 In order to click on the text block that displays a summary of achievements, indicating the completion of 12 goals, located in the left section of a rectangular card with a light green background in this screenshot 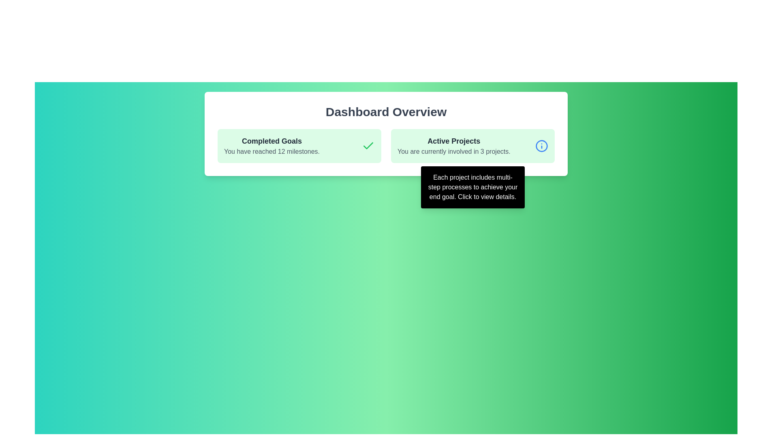, I will do `click(272, 146)`.